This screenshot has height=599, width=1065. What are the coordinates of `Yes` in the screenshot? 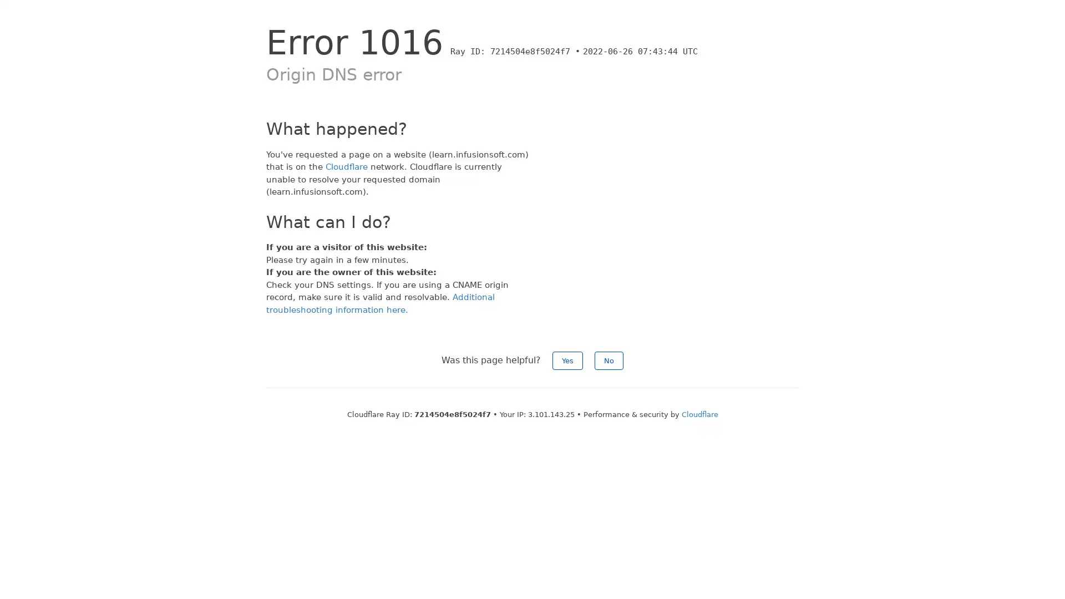 It's located at (567, 361).